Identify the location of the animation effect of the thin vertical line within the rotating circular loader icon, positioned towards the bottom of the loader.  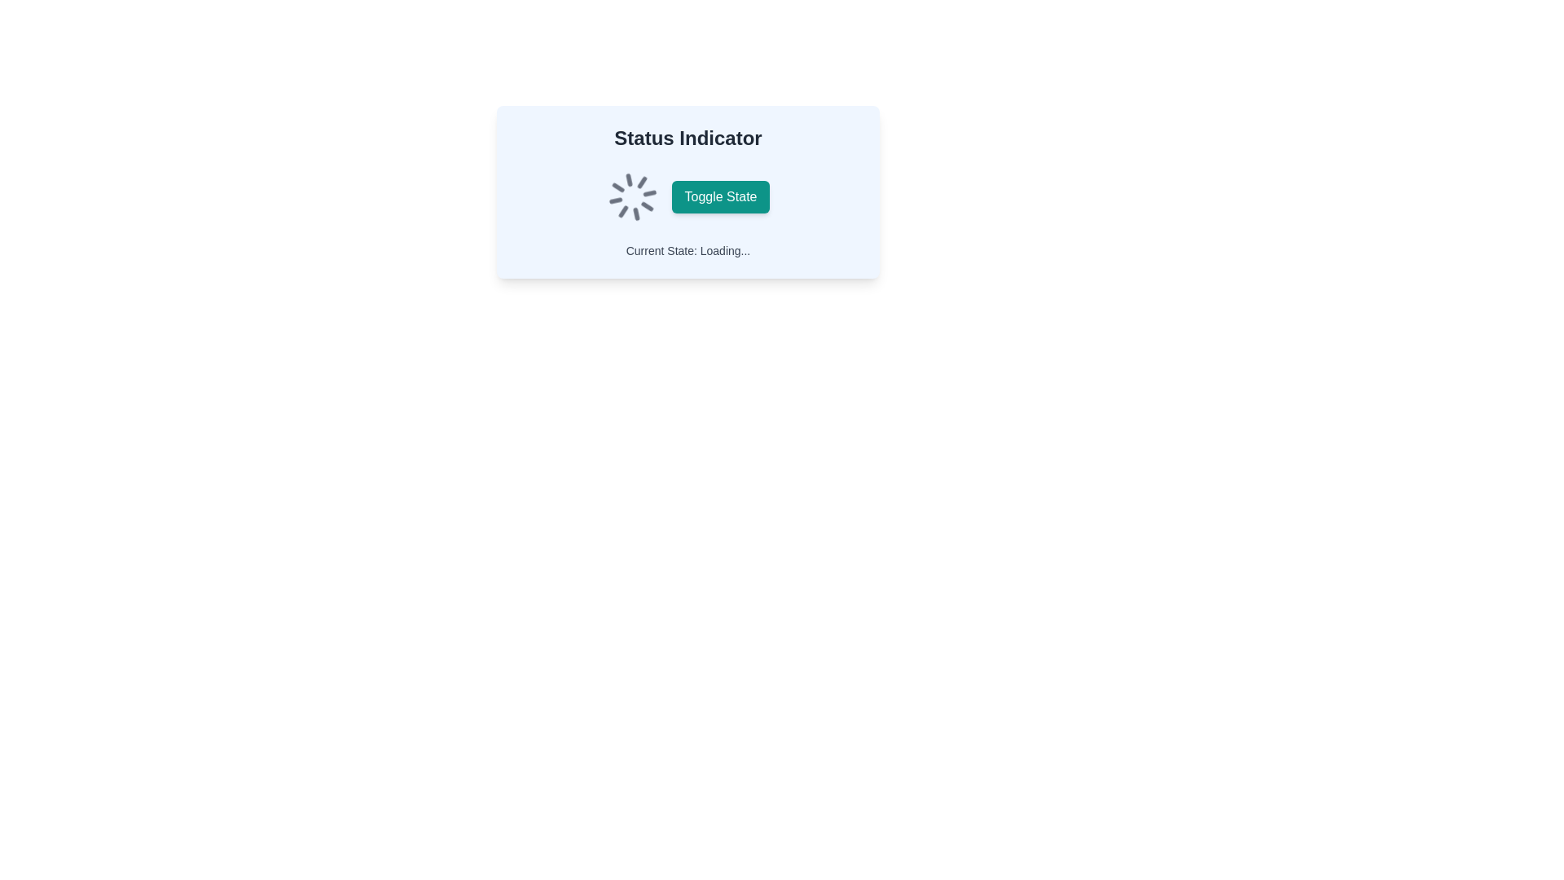
(626, 180).